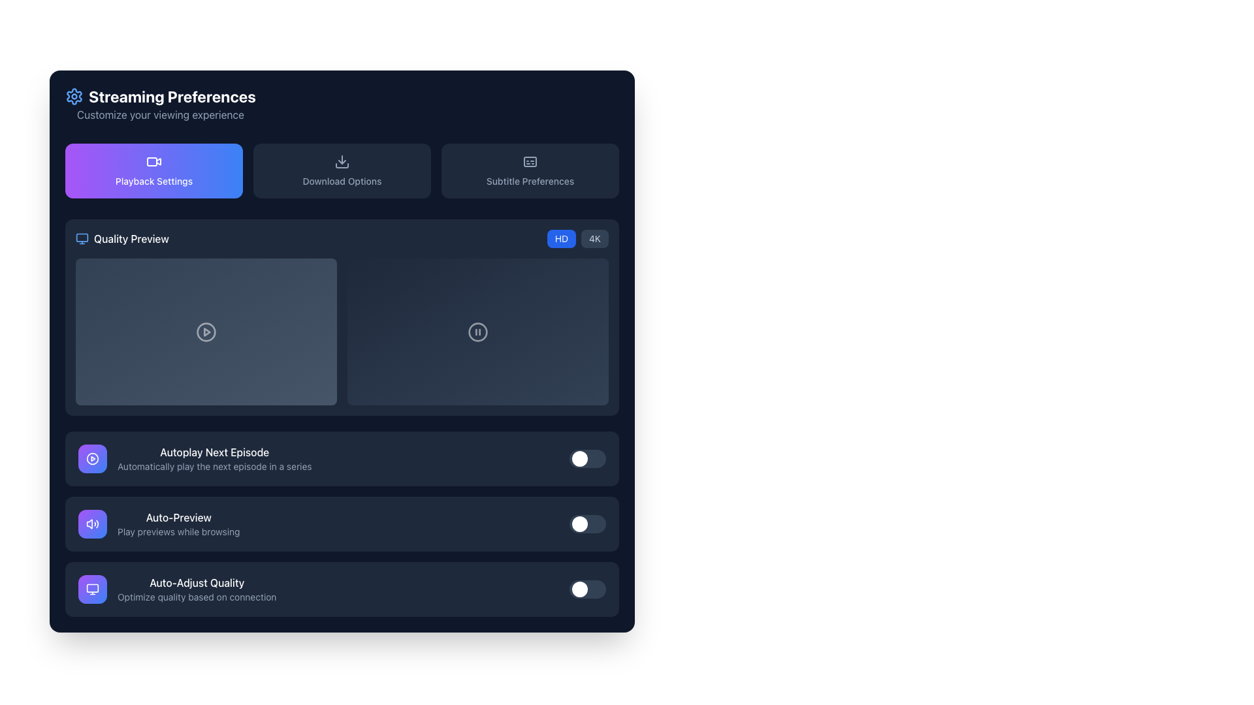  What do you see at coordinates (158, 523) in the screenshot?
I see `the 'Auto-Preview' label which features a soundwave icon and two lines of text, positioned as the second item in a settings panel` at bounding box center [158, 523].